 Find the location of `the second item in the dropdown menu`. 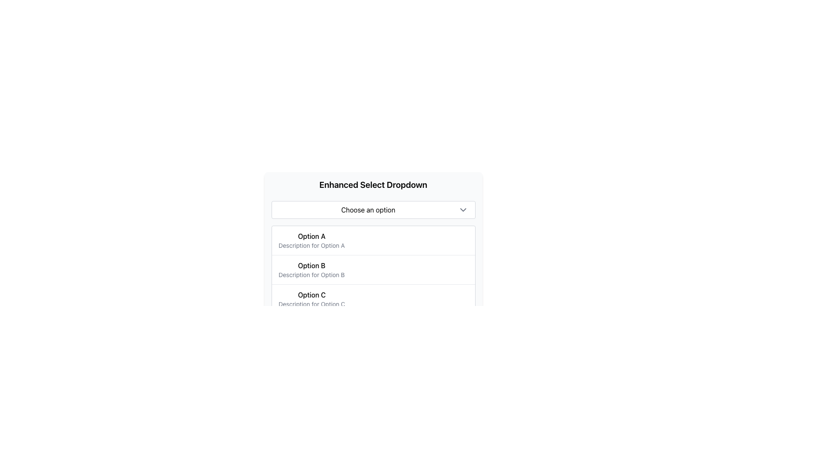

the second item in the dropdown menu is located at coordinates (373, 269).